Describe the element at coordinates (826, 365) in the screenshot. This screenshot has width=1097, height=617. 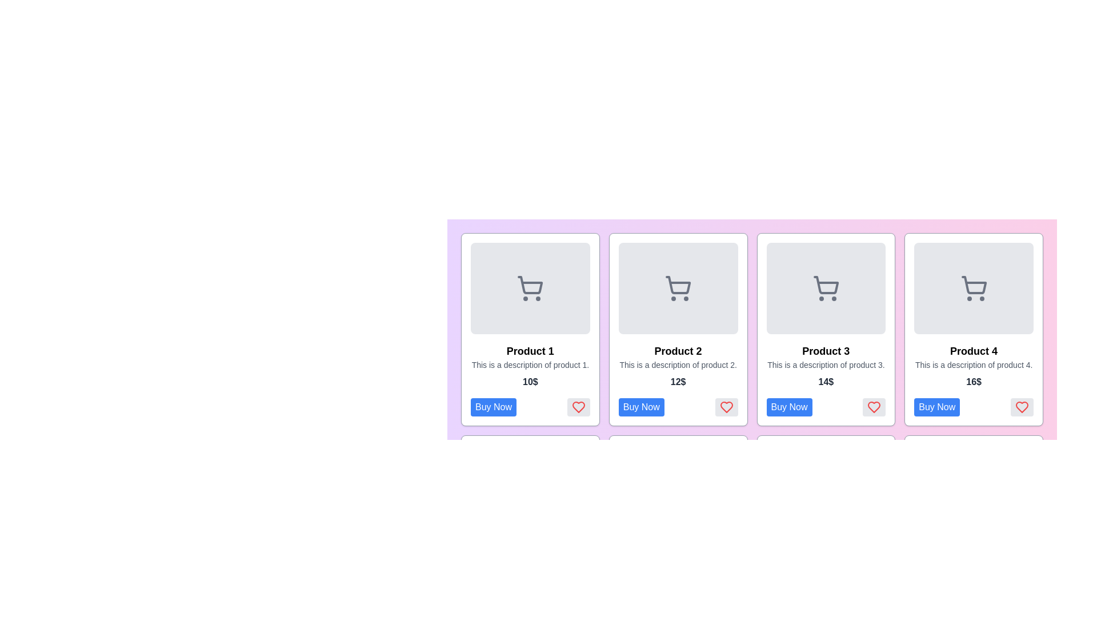
I see `descriptive text located in the third product card, positioned centrally below the title and above the price label` at that location.